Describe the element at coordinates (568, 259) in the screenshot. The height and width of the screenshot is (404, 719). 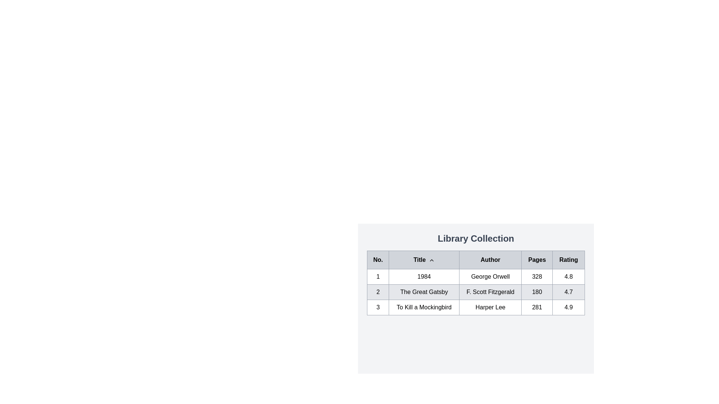
I see `the 'Rating' text label, which has a light gray background and displays bold, centered black text, located at the far right of the headers in a table-like structure` at that location.